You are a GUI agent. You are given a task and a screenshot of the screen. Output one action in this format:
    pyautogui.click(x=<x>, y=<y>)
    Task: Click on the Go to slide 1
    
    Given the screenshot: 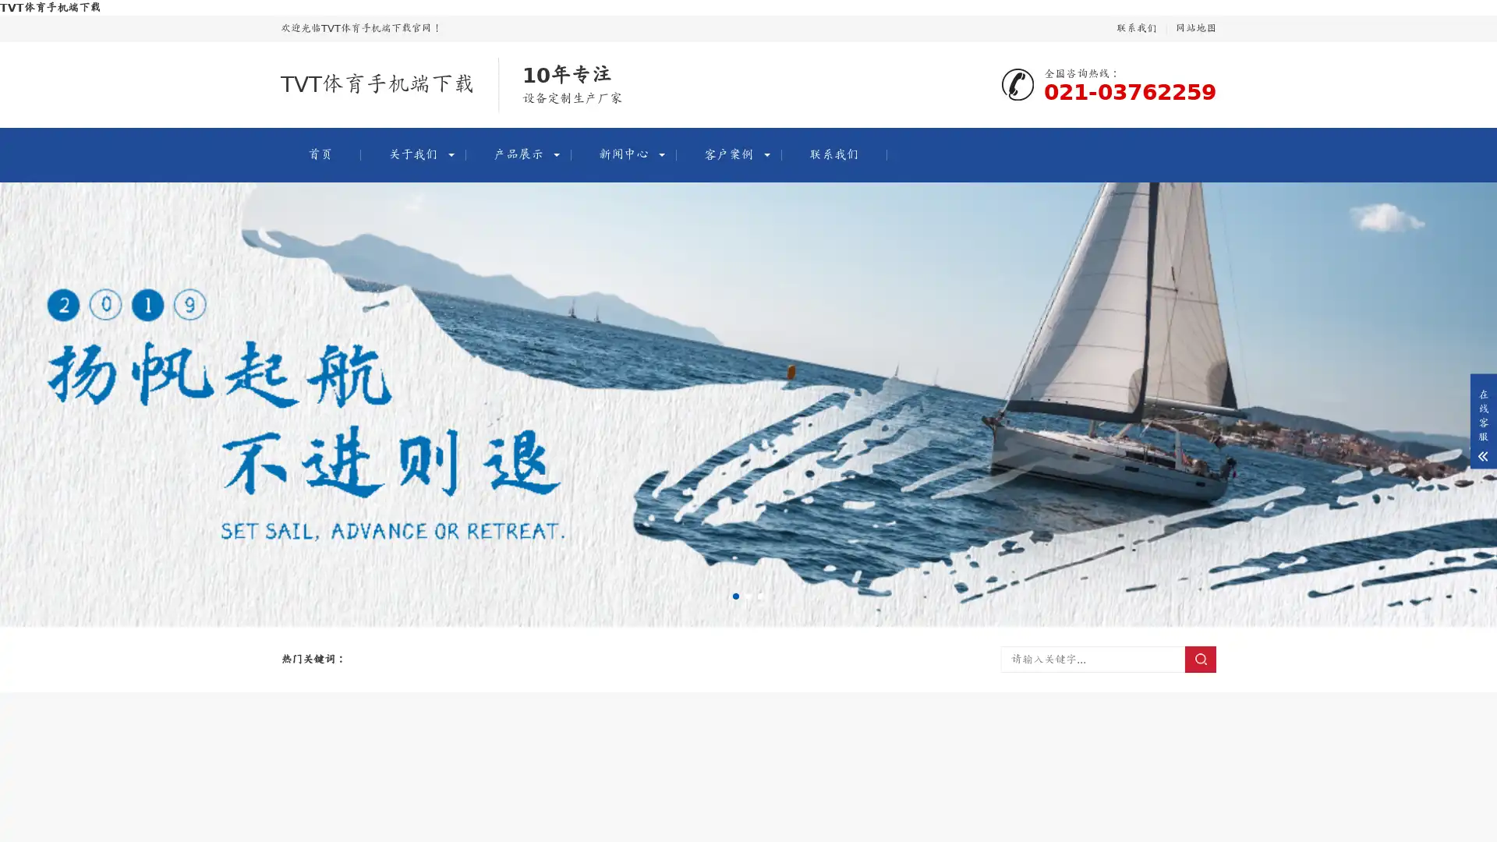 What is the action you would take?
    pyautogui.click(x=735, y=596)
    